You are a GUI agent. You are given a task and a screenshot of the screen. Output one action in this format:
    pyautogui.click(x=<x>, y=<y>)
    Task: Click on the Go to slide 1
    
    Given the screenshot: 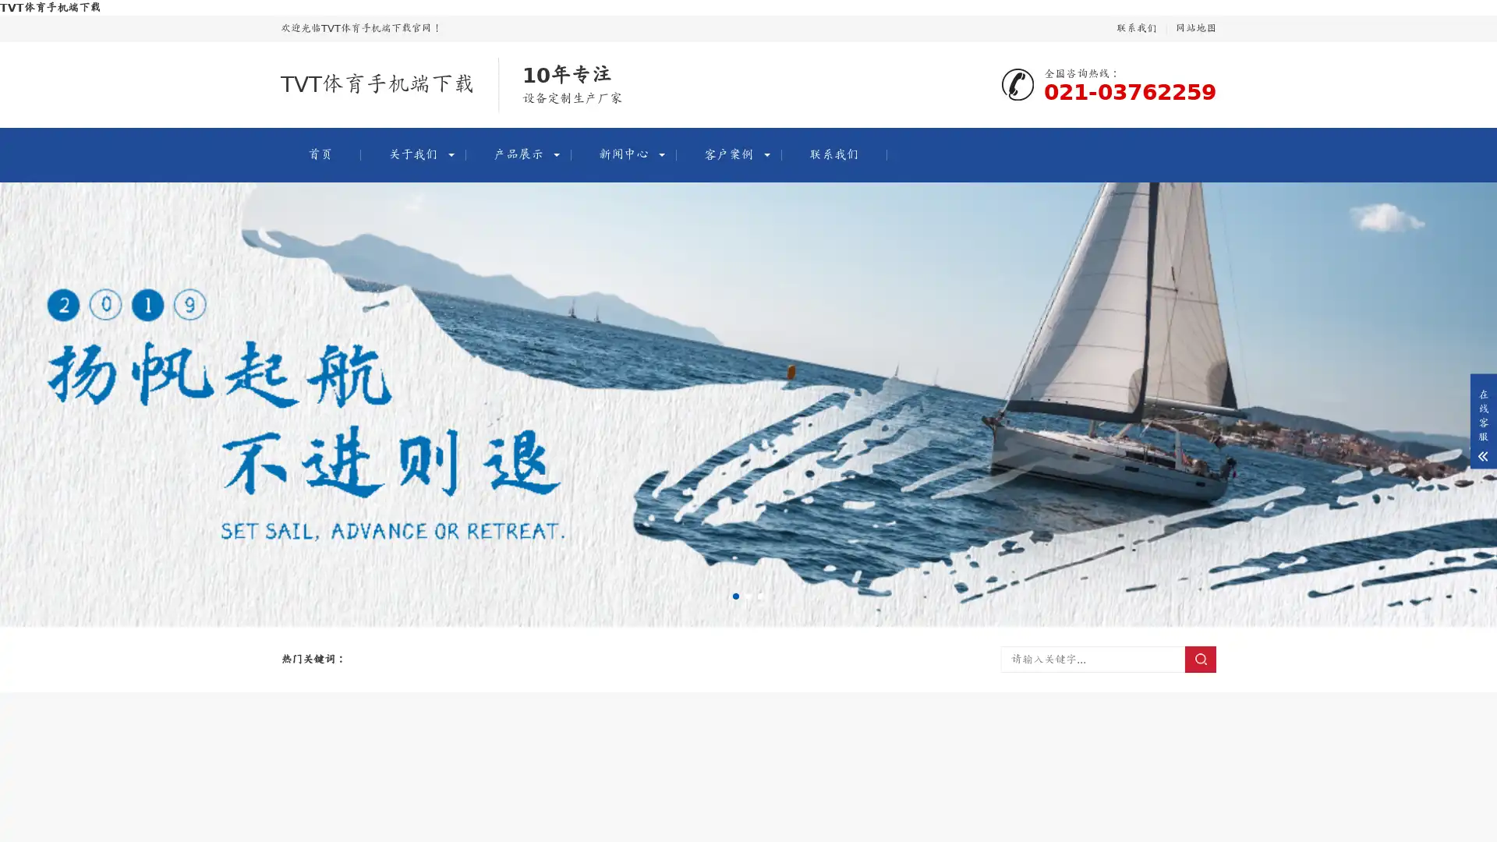 What is the action you would take?
    pyautogui.click(x=735, y=596)
    